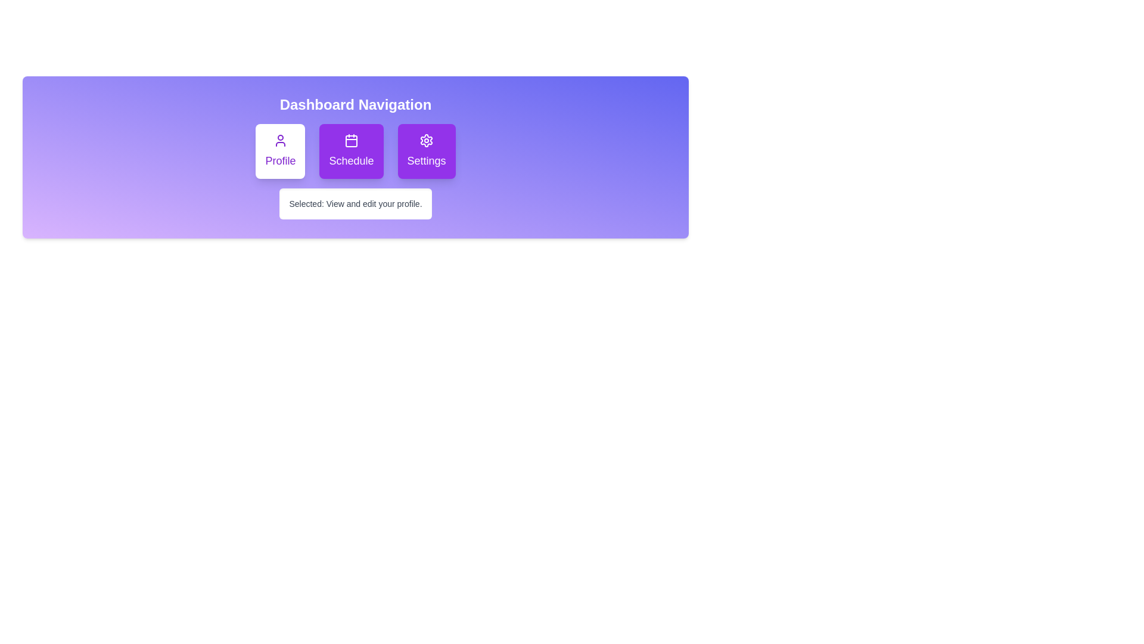  What do you see at coordinates (351, 161) in the screenshot?
I see `the 'Schedule' text label, which is displayed in a bold medium-sized font on a purple background within a card labeled 'Schedule'` at bounding box center [351, 161].